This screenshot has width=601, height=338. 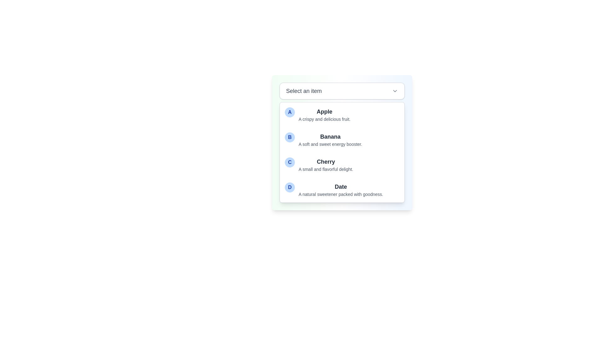 What do you see at coordinates (341, 187) in the screenshot?
I see `the text label that serves as the title of item 'D' in the dropdown menu, which is positioned above the description text` at bounding box center [341, 187].